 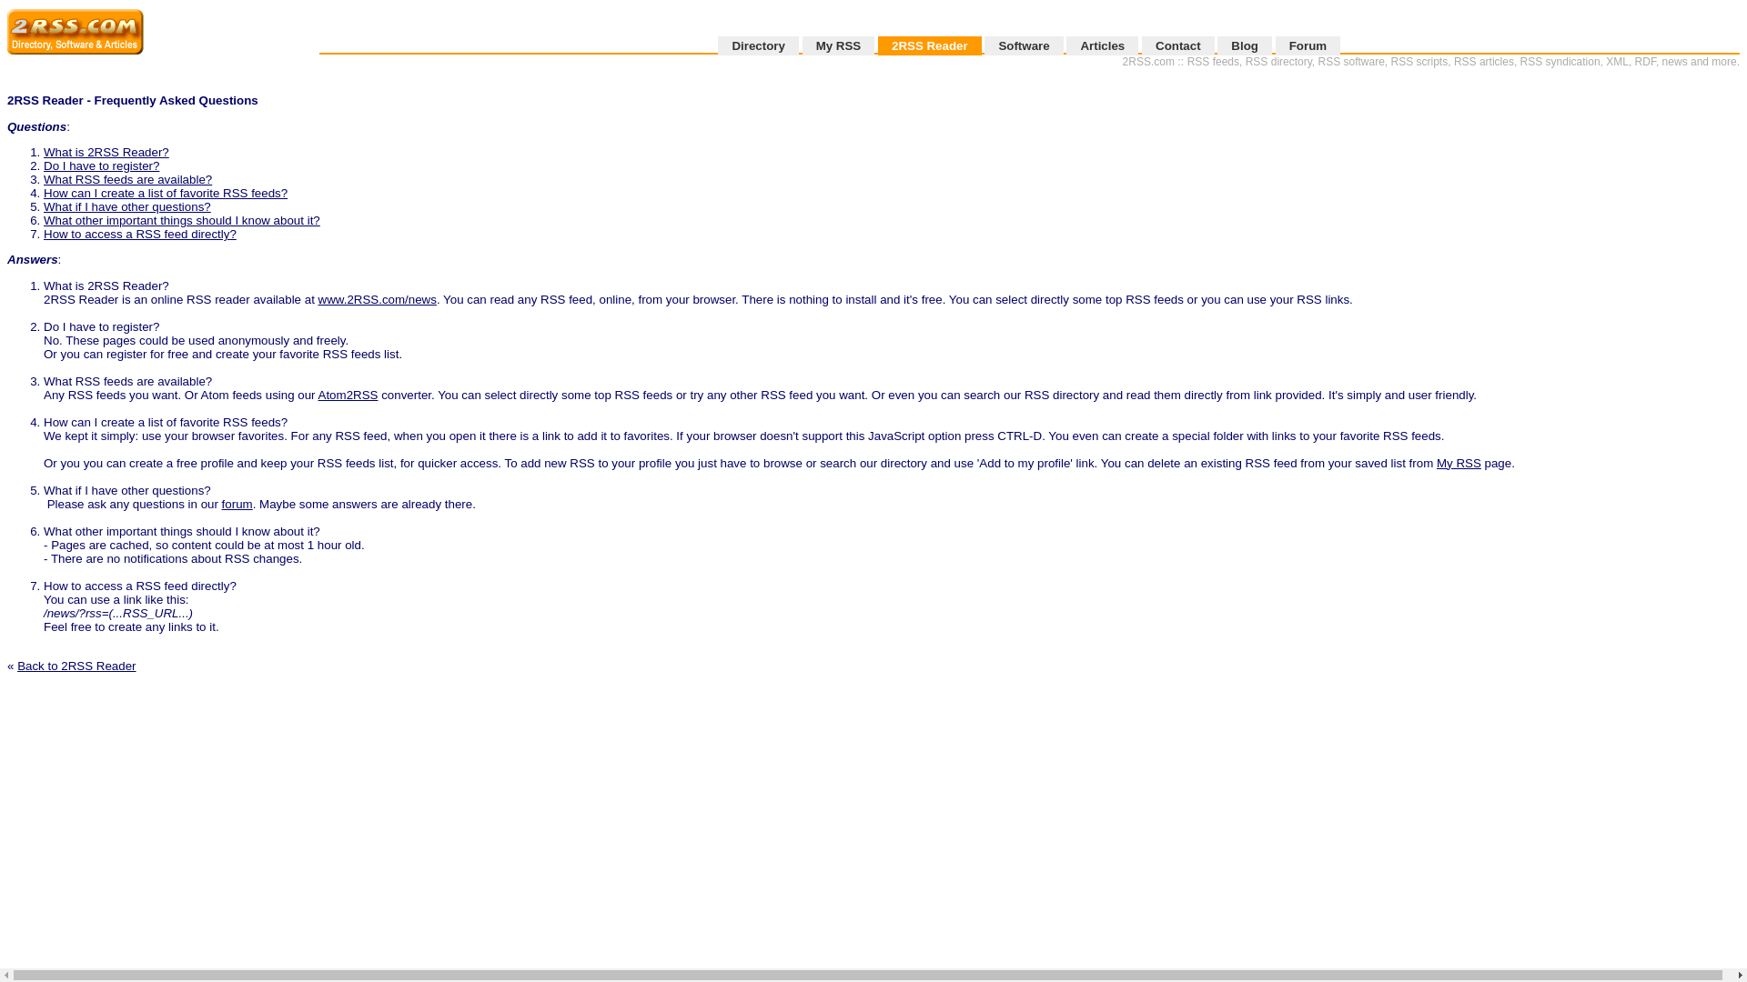 I want to click on 'Atom2RSS', so click(x=348, y=394).